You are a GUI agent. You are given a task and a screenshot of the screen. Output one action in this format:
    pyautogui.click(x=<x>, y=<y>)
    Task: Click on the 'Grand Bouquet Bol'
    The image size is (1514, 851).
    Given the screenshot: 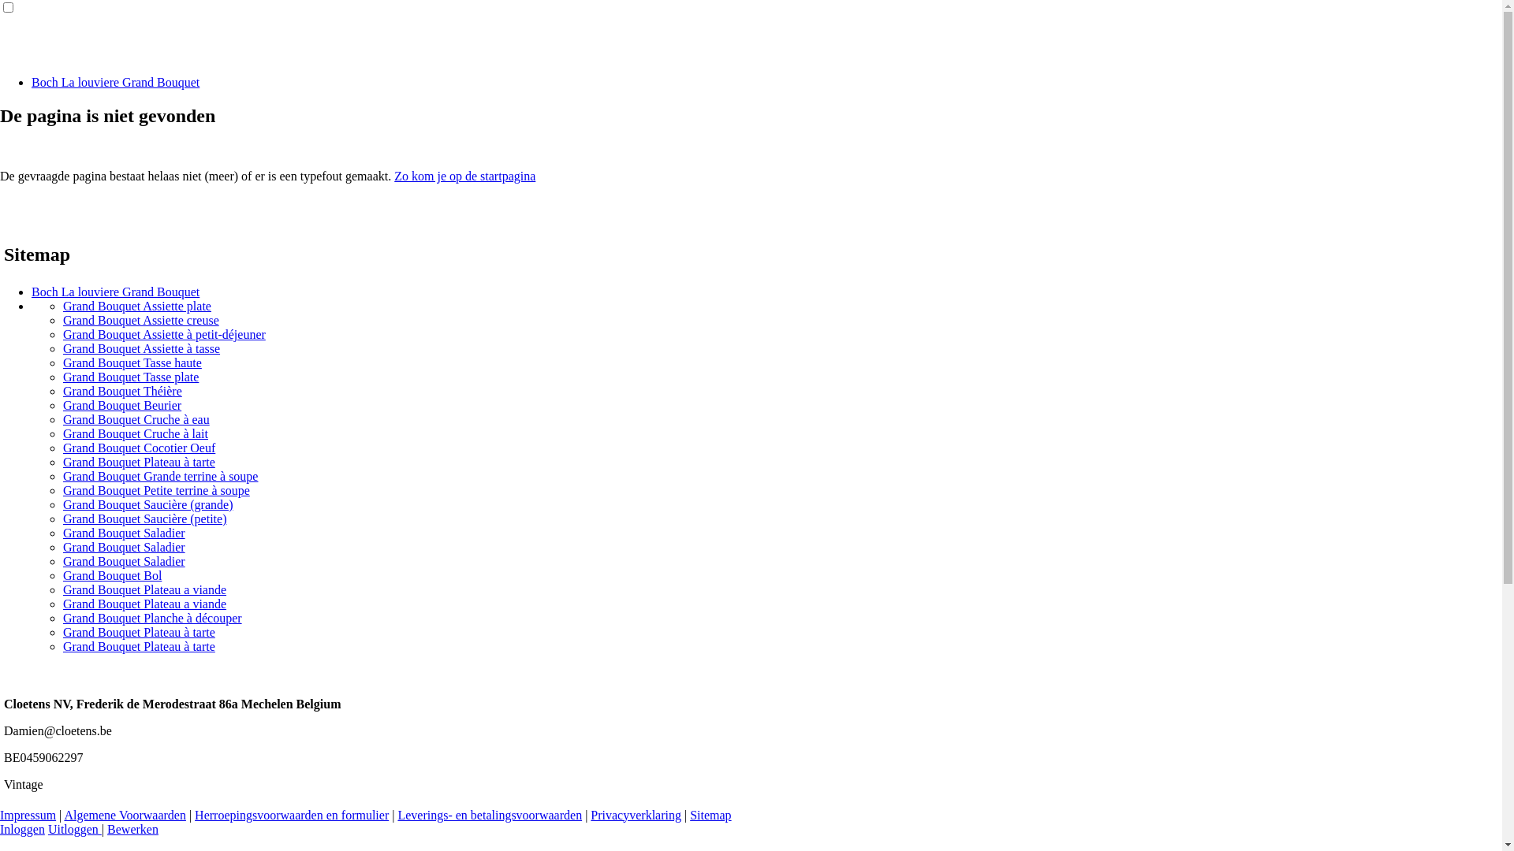 What is the action you would take?
    pyautogui.click(x=111, y=575)
    